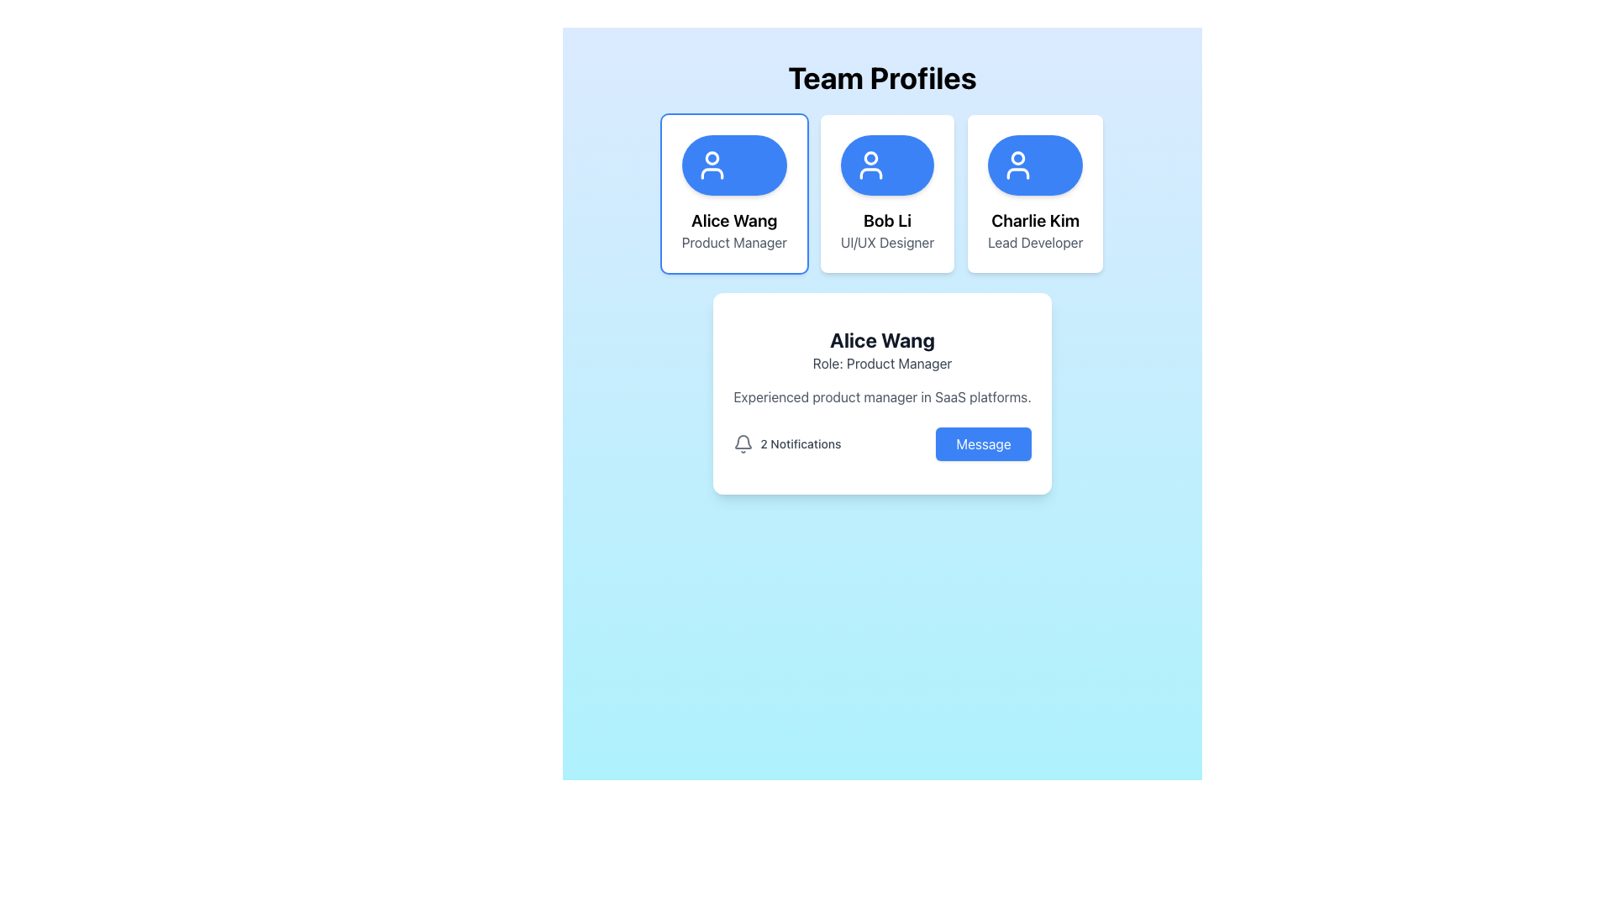 Image resolution: width=1613 pixels, height=907 pixels. I want to click on the Profile Card for 'Charlie Kim', which is the third card in a horizontal series of three cards located below the header 'Team Profiles', so click(1034, 193).